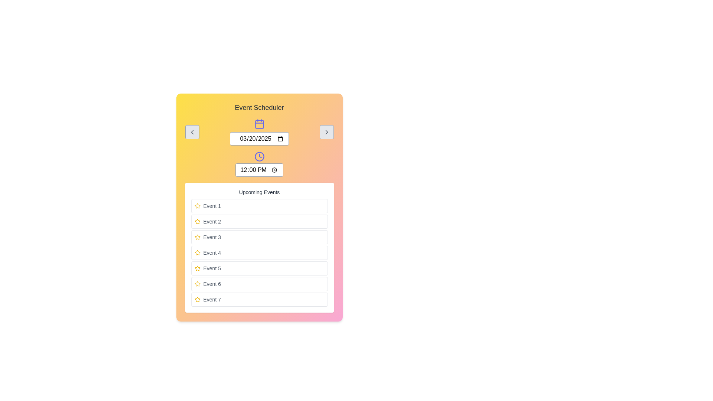 The height and width of the screenshot is (401, 713). Describe the element at coordinates (259, 164) in the screenshot. I see `the time input box displaying '12:00 PM' in the Time Input Control within the 'Event Scheduler' card` at that location.